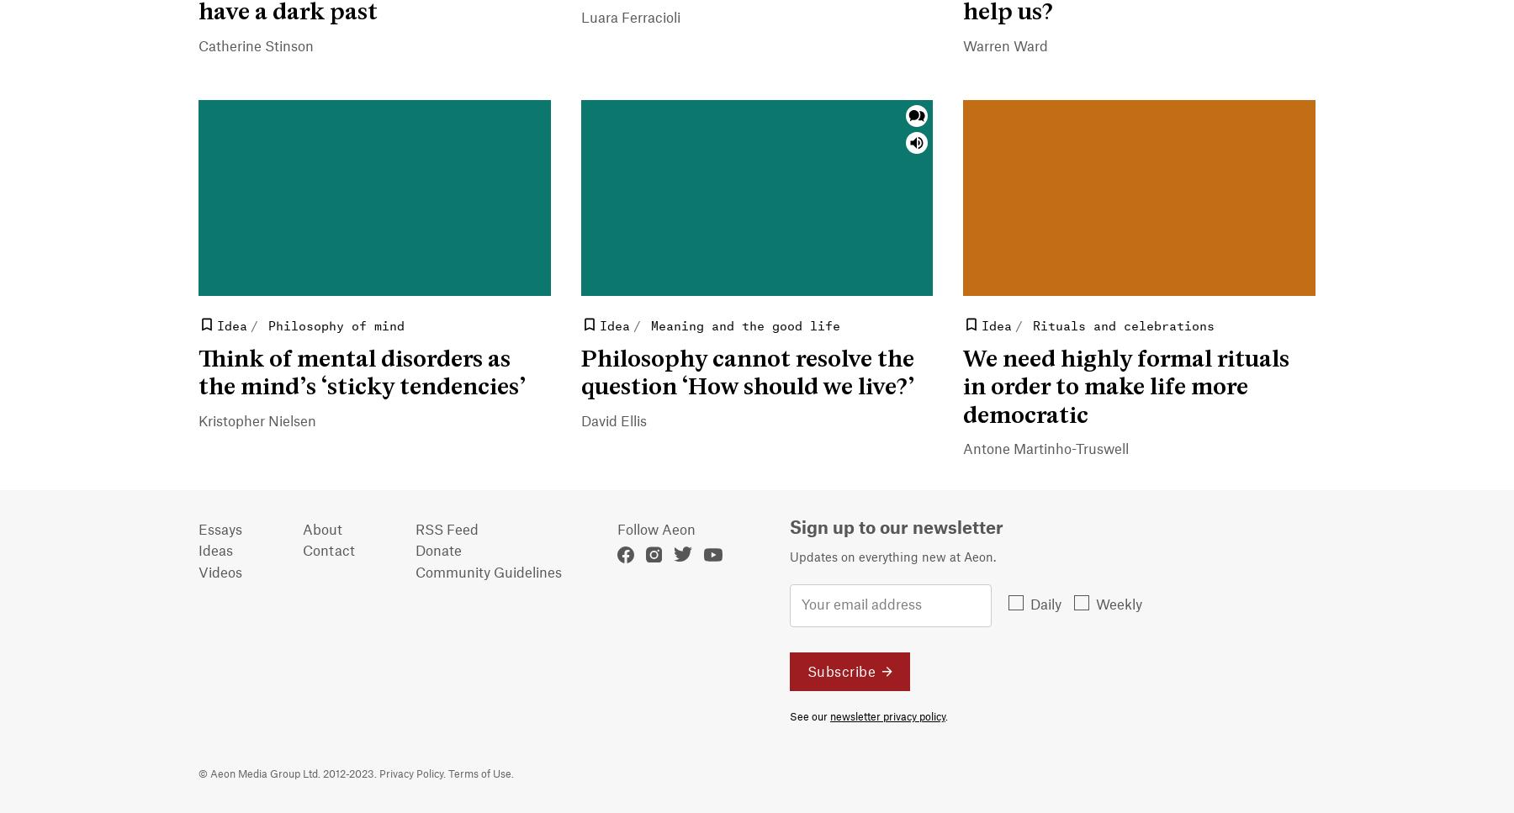 Image resolution: width=1514 pixels, height=813 pixels. What do you see at coordinates (214, 551) in the screenshot?
I see `'Ideas'` at bounding box center [214, 551].